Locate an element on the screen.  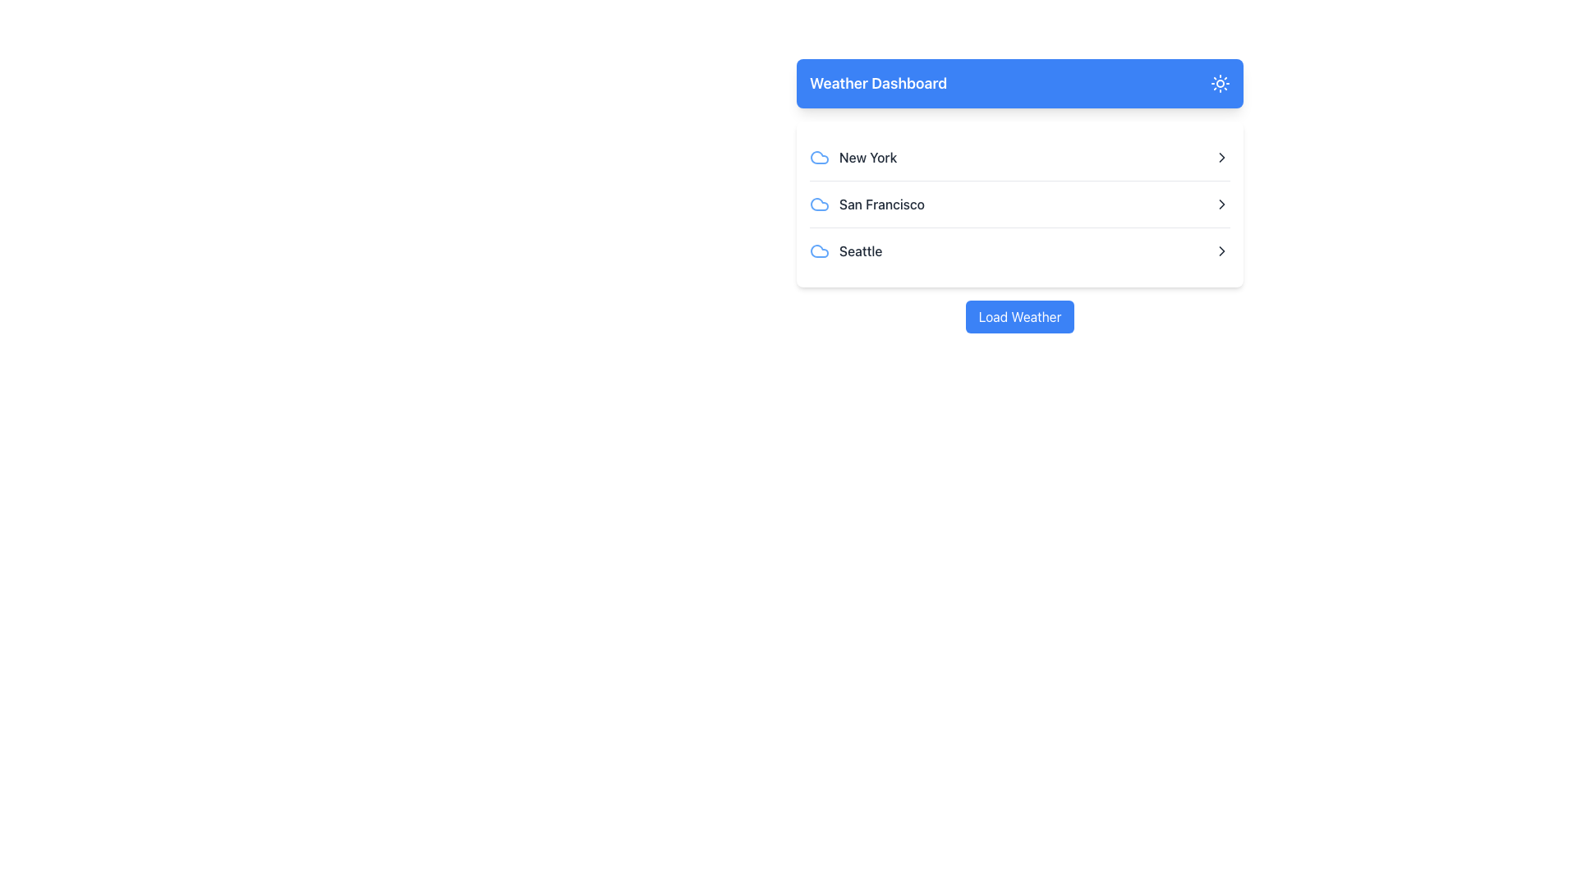
the weather-related icon located at the far-right side of the header bar, adjacent to the title text 'Weather Dashboard', which is within a blue, rounded rectangular bar is located at coordinates (1221, 83).